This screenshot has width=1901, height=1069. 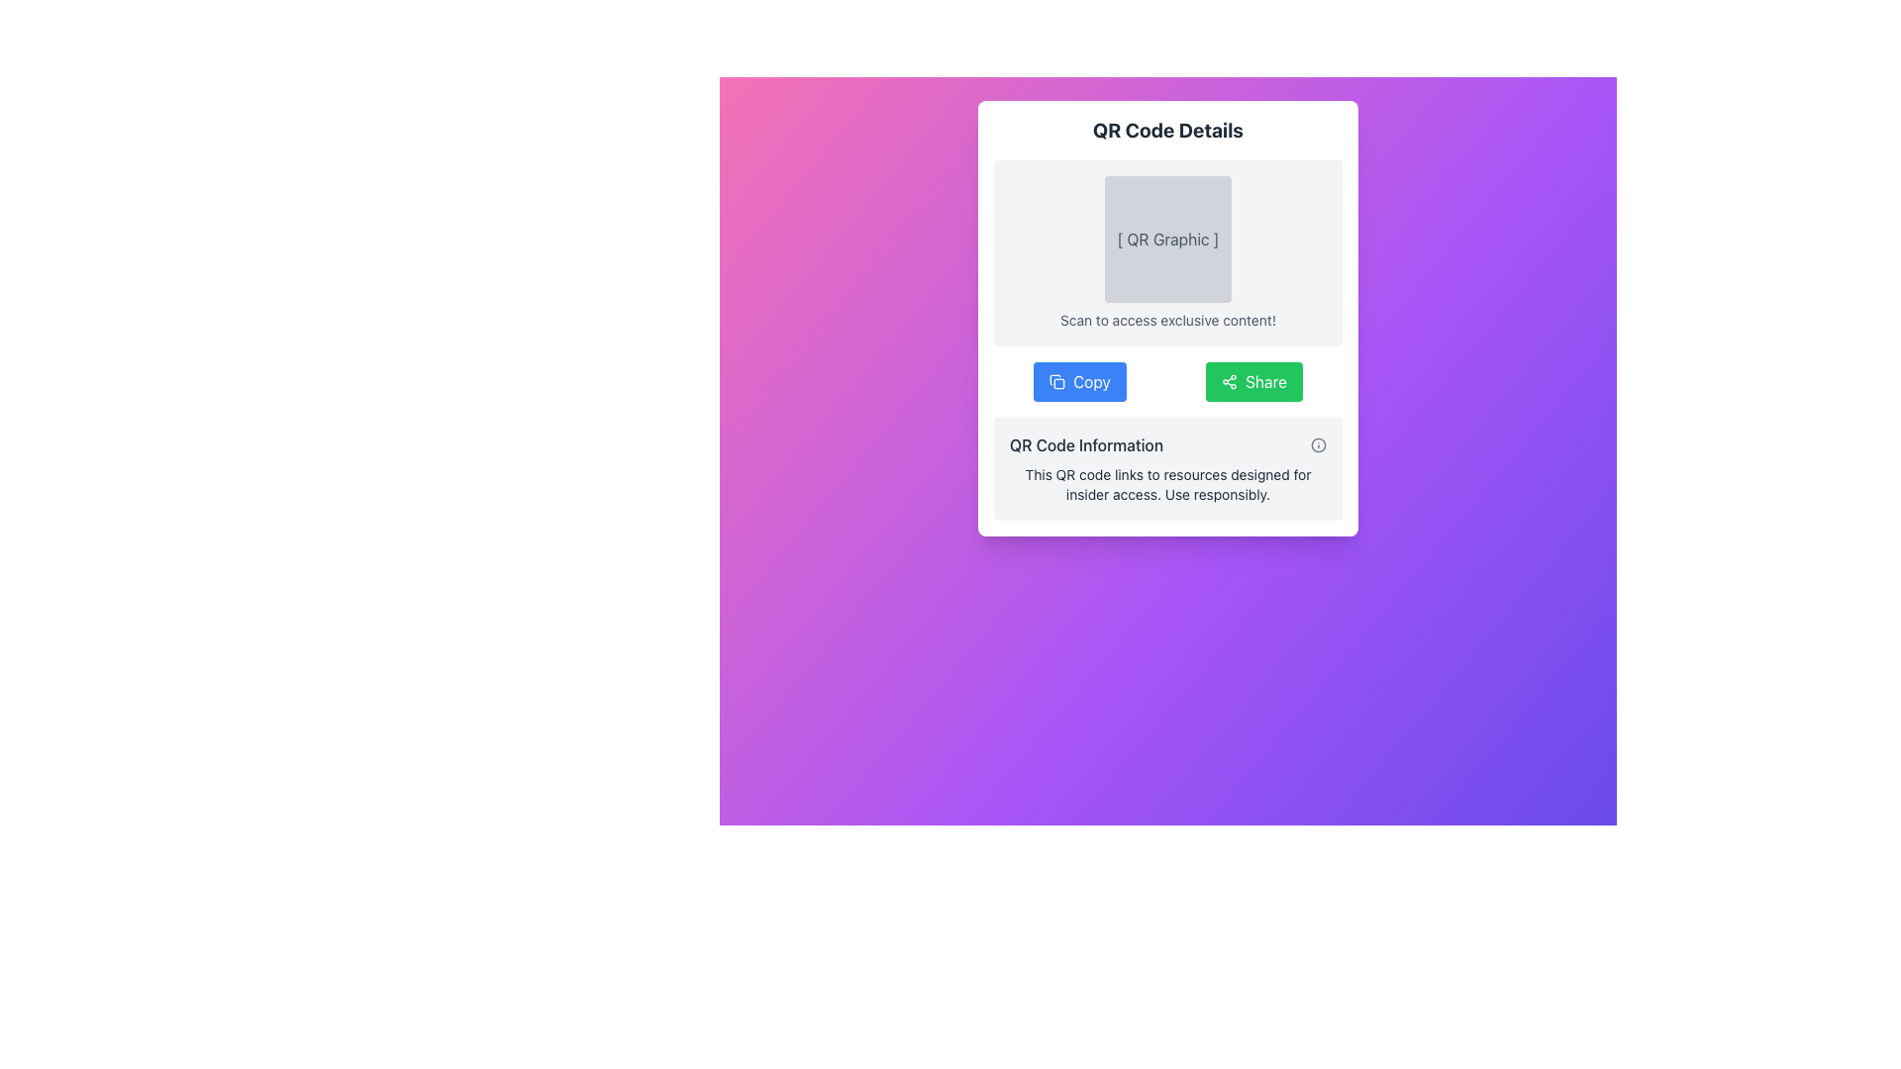 I want to click on the small icon resembling a connection or share symbol, which is located on the left side of the green 'Share' button, aligned vertically with the button text, so click(x=1229, y=381).